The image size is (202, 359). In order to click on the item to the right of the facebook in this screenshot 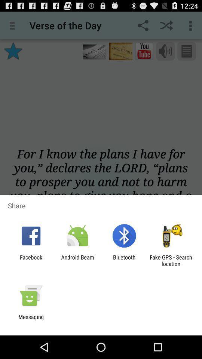, I will do `click(77, 260)`.